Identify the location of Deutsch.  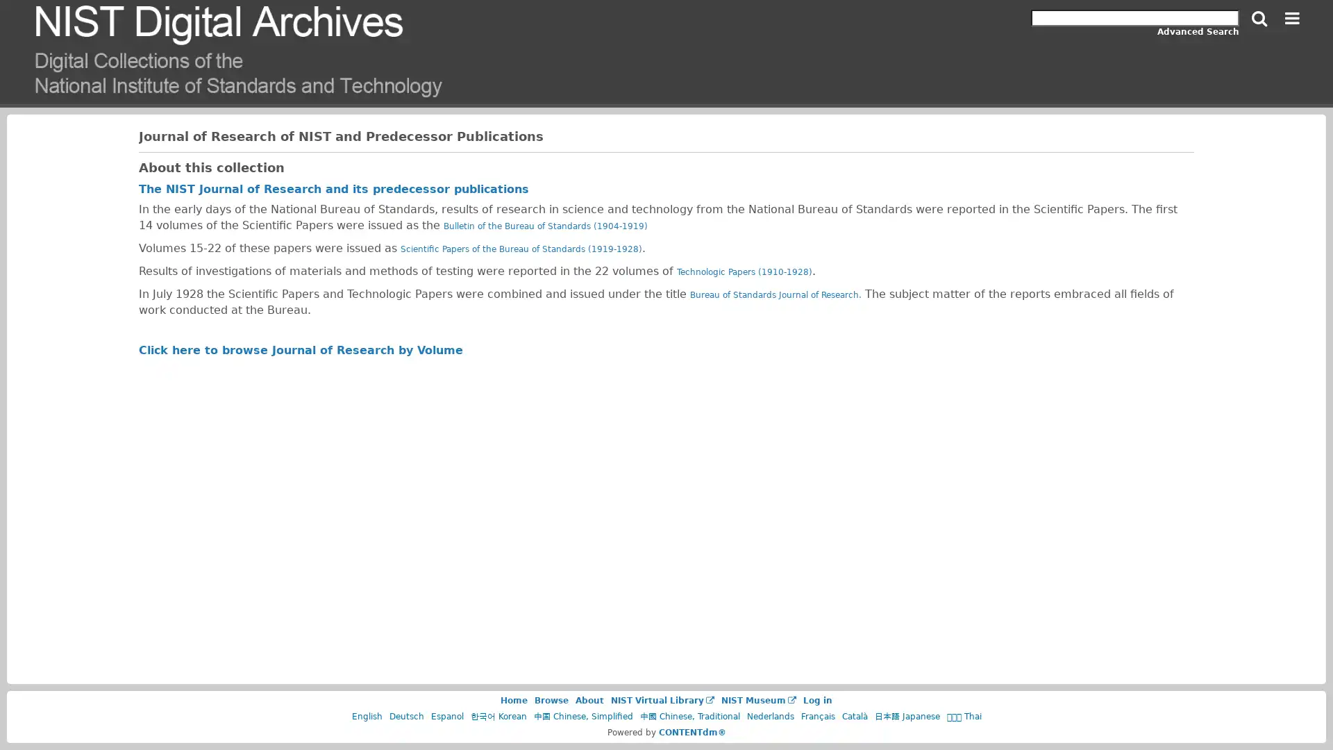
(405, 717).